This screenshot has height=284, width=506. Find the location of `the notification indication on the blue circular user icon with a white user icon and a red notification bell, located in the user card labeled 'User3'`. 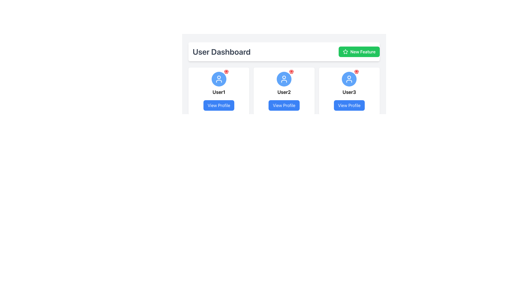

the notification indication on the blue circular user icon with a white user icon and a red notification bell, located in the user card labeled 'User3' is located at coordinates (349, 79).